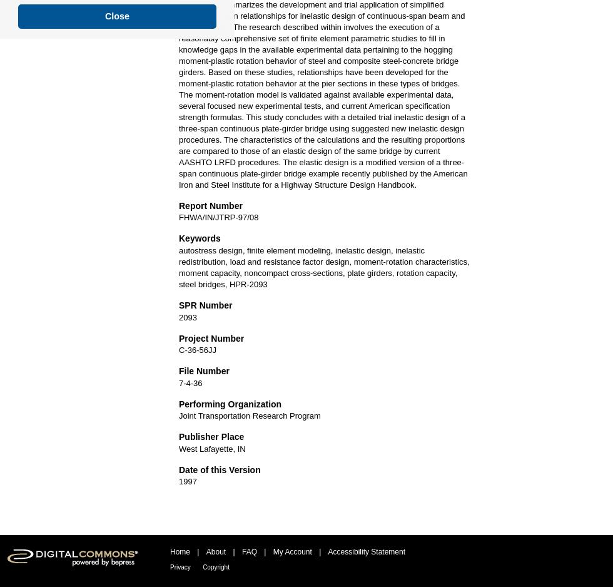 This screenshot has width=613, height=587. What do you see at coordinates (180, 552) in the screenshot?
I see `'Home'` at bounding box center [180, 552].